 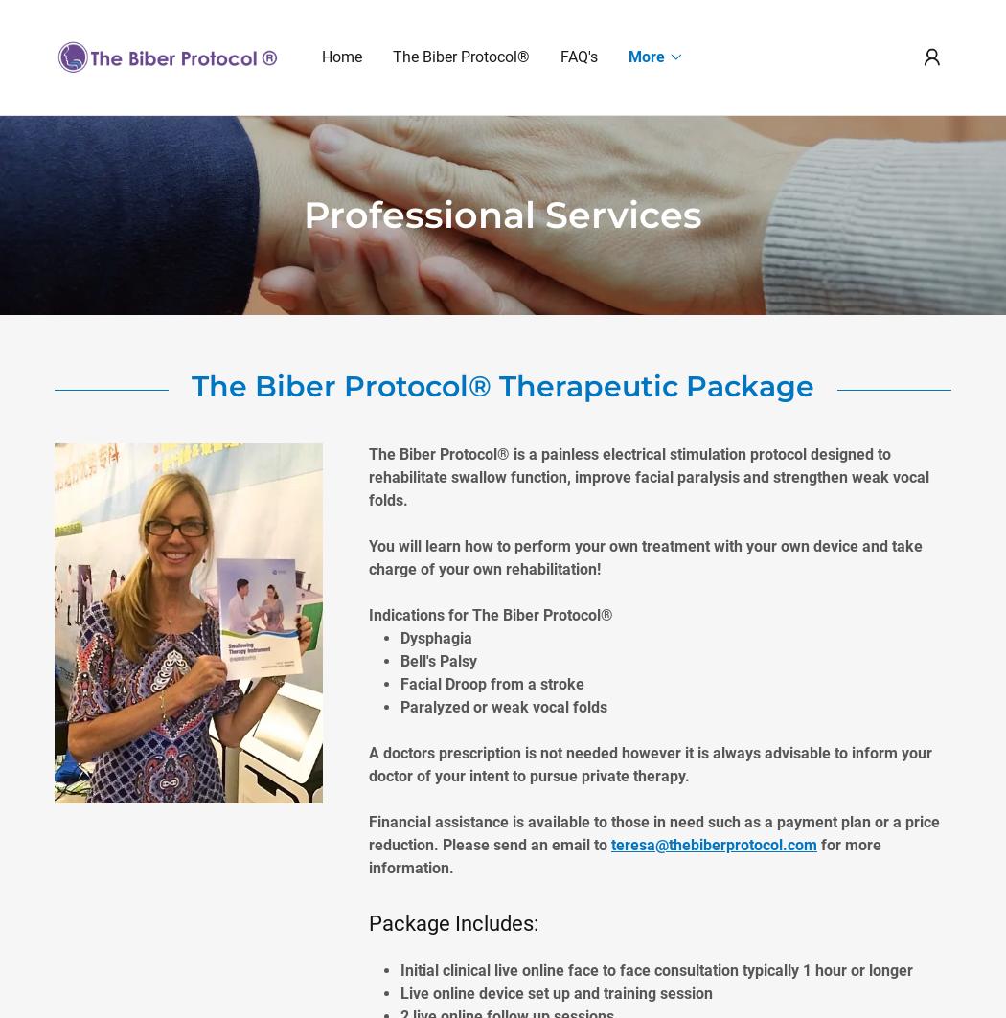 What do you see at coordinates (341, 57) in the screenshot?
I see `'Home'` at bounding box center [341, 57].